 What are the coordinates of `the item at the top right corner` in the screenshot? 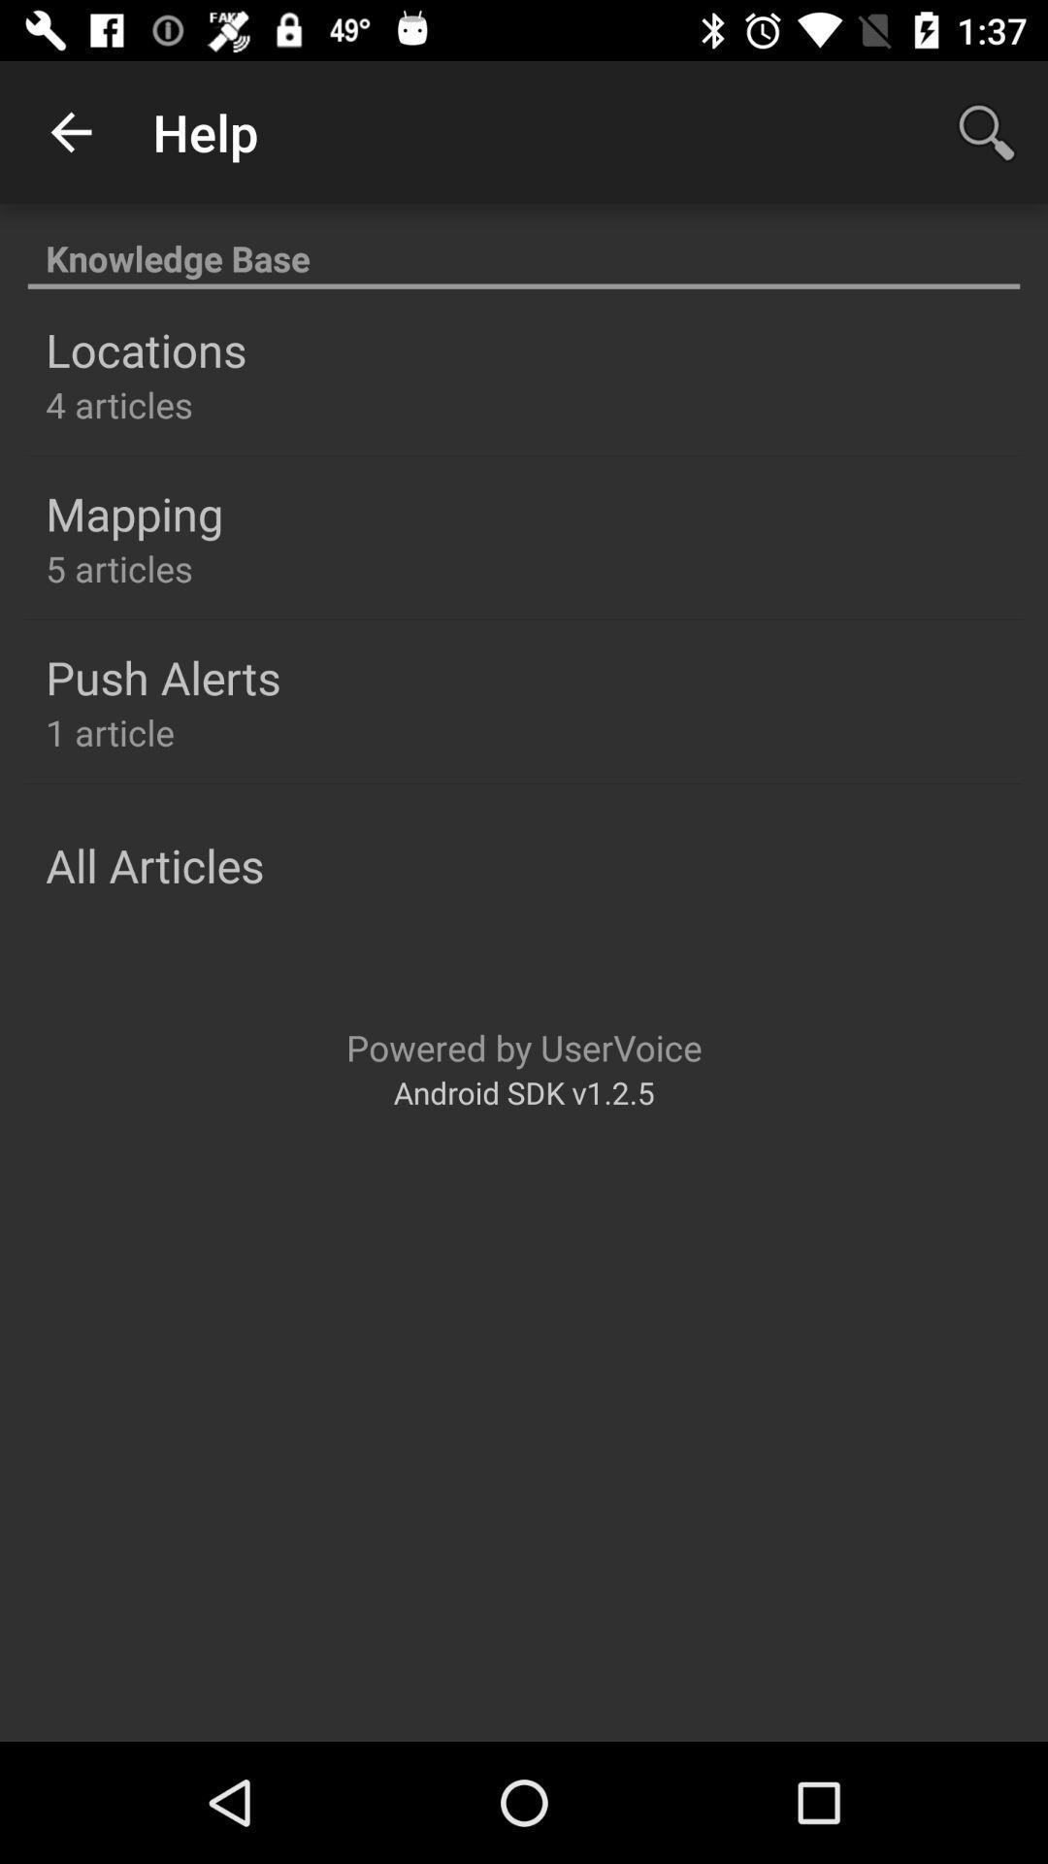 It's located at (987, 131).